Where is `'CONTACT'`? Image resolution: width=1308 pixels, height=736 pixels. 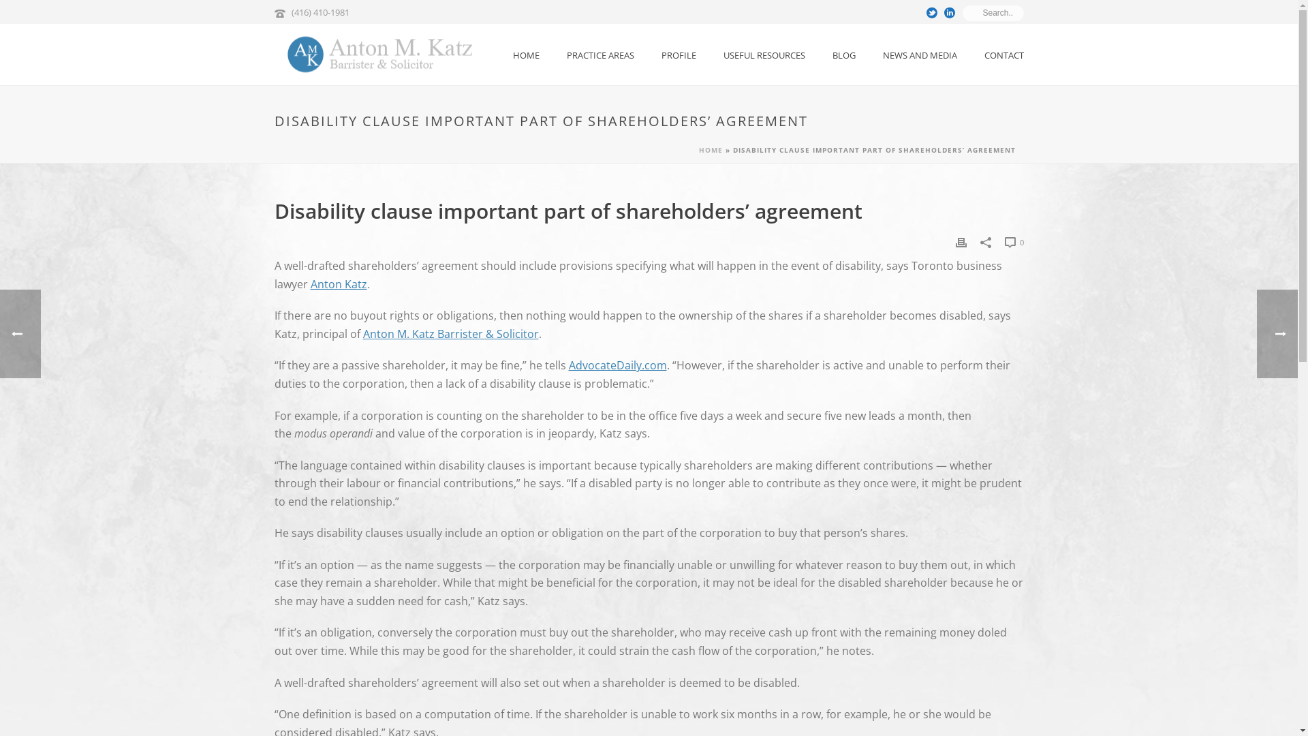 'CONTACT' is located at coordinates (1003, 55).